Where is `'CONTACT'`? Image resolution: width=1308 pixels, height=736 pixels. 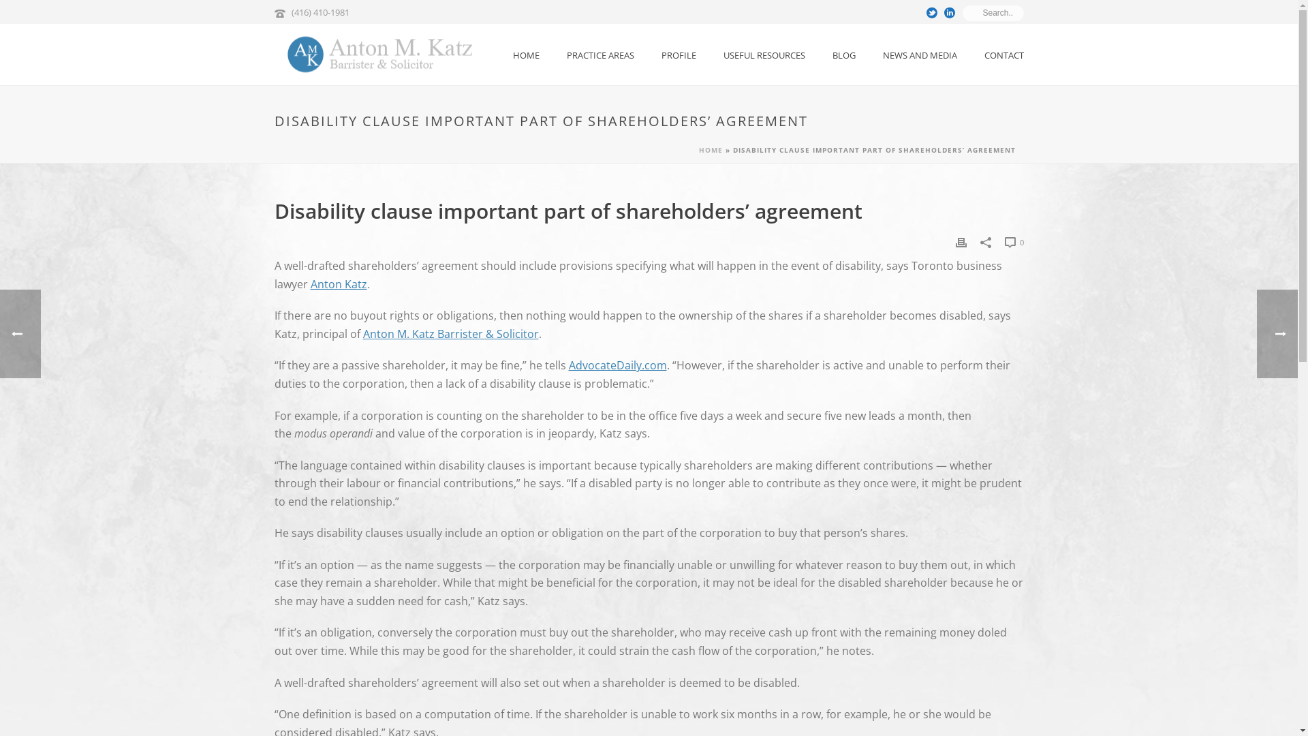 'CONTACT' is located at coordinates (1003, 55).